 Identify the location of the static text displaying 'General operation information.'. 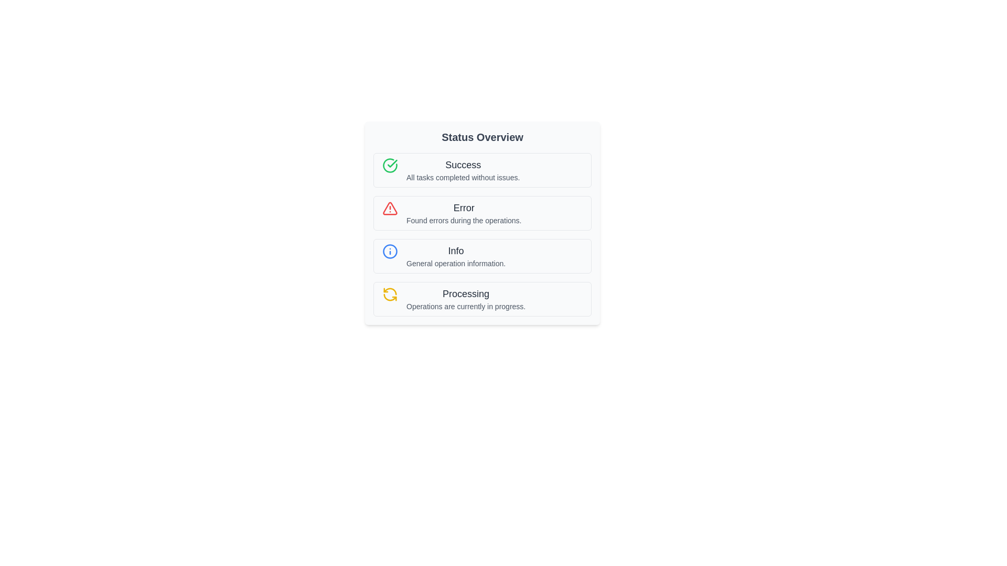
(456, 263).